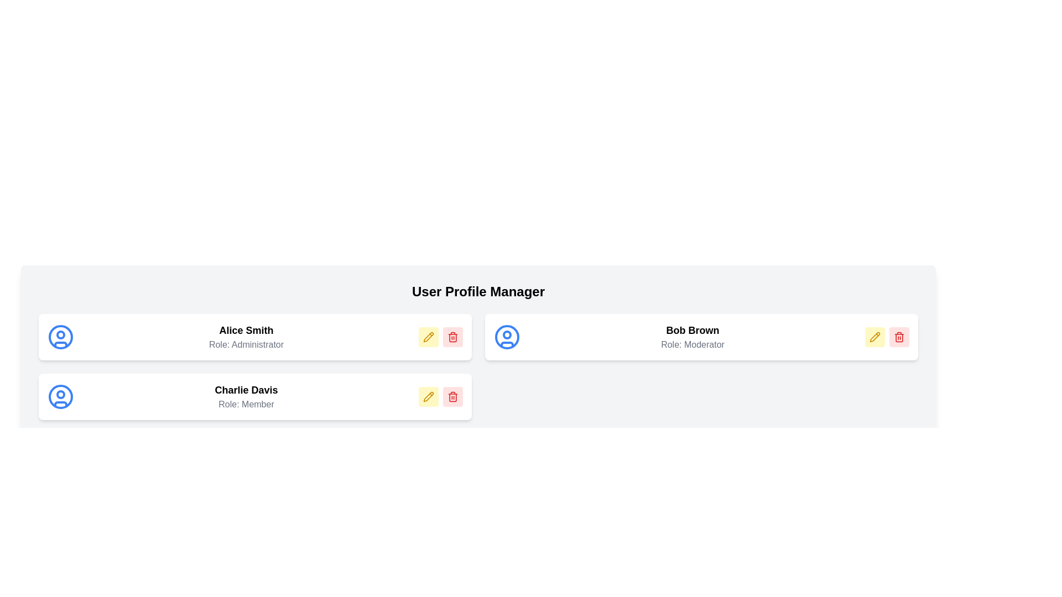 Image resolution: width=1062 pixels, height=597 pixels. What do you see at coordinates (874, 336) in the screenshot?
I see `the edit button associated with 'Bob Brown'` at bounding box center [874, 336].